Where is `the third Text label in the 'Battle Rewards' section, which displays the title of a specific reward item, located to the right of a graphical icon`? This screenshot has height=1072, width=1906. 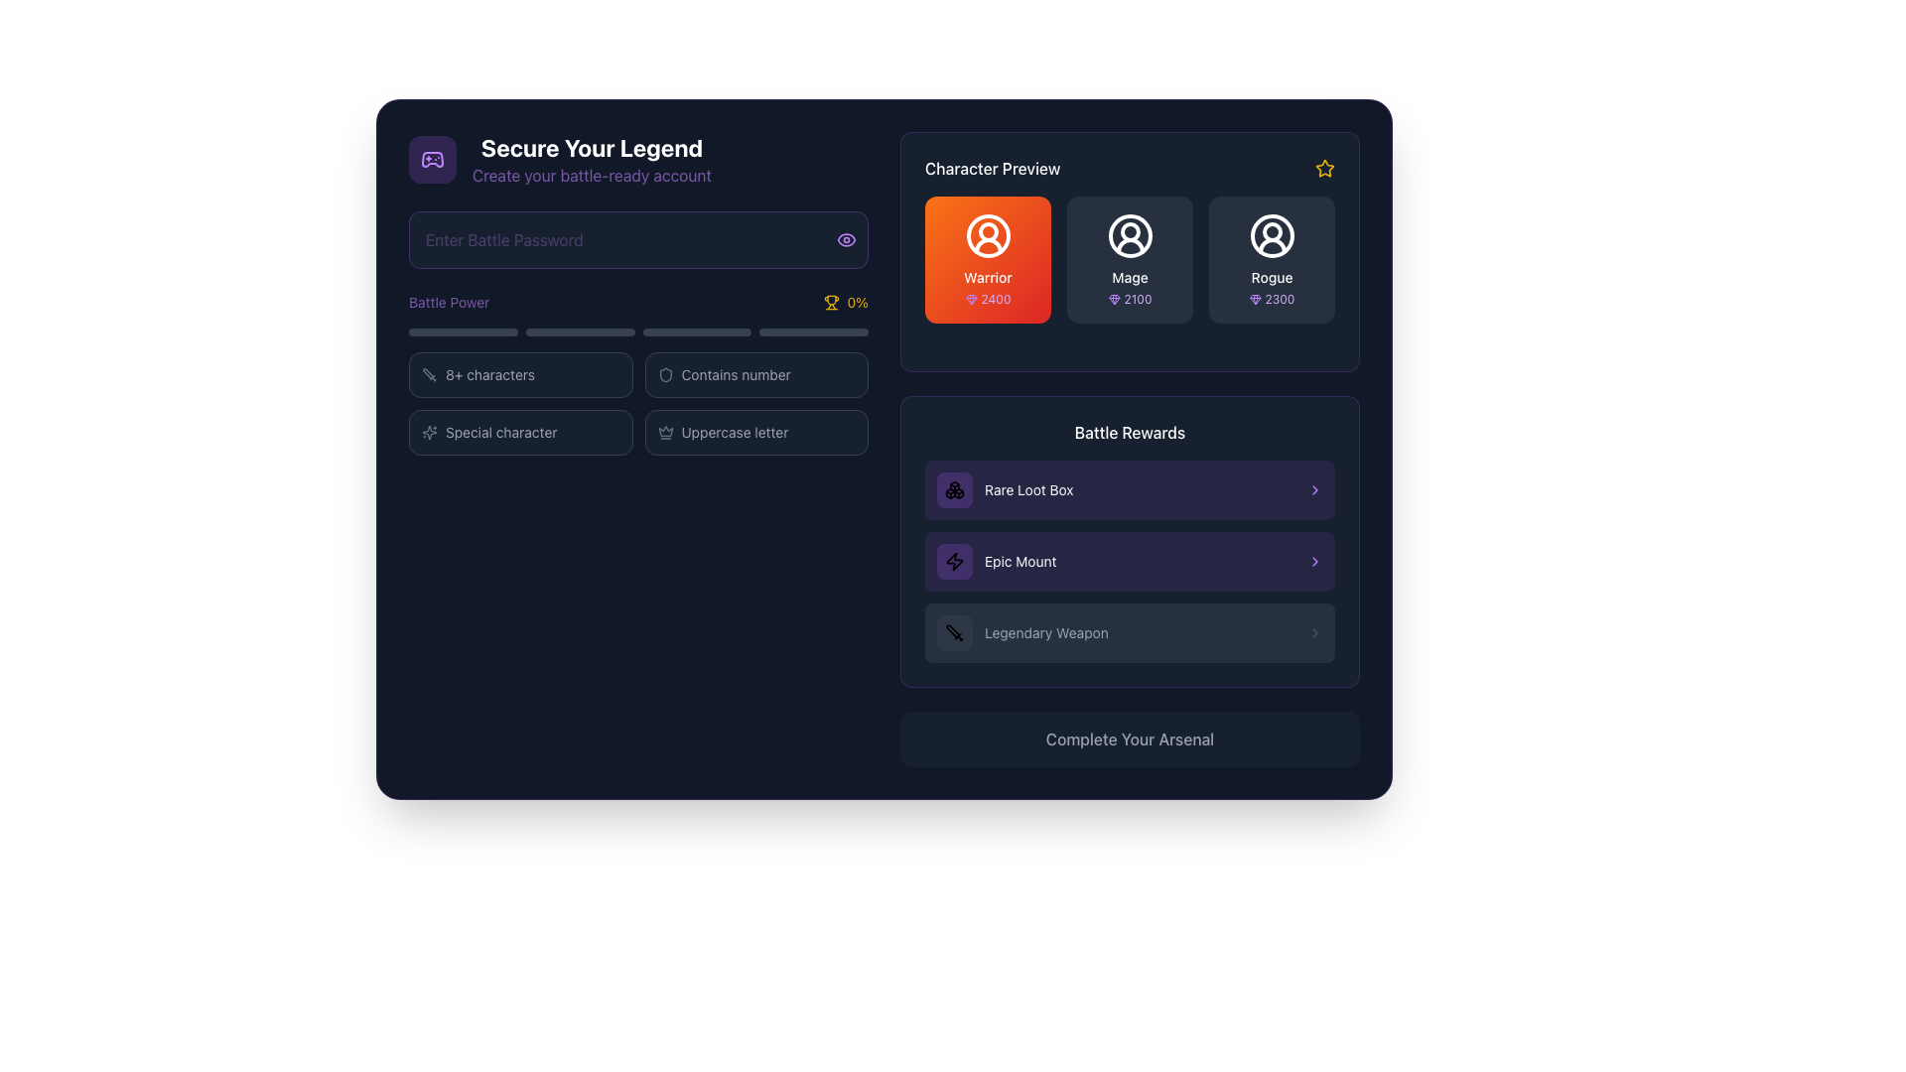 the third Text label in the 'Battle Rewards' section, which displays the title of a specific reward item, located to the right of a graphical icon is located at coordinates (1045, 632).